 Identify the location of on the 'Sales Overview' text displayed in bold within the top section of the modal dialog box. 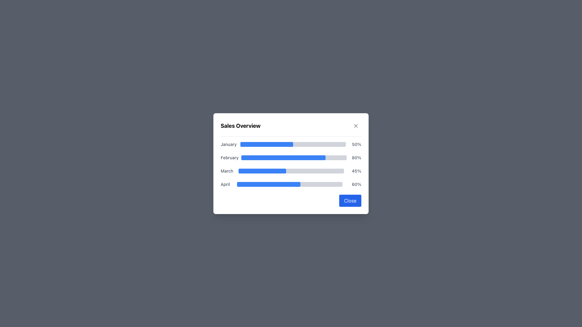
(240, 125).